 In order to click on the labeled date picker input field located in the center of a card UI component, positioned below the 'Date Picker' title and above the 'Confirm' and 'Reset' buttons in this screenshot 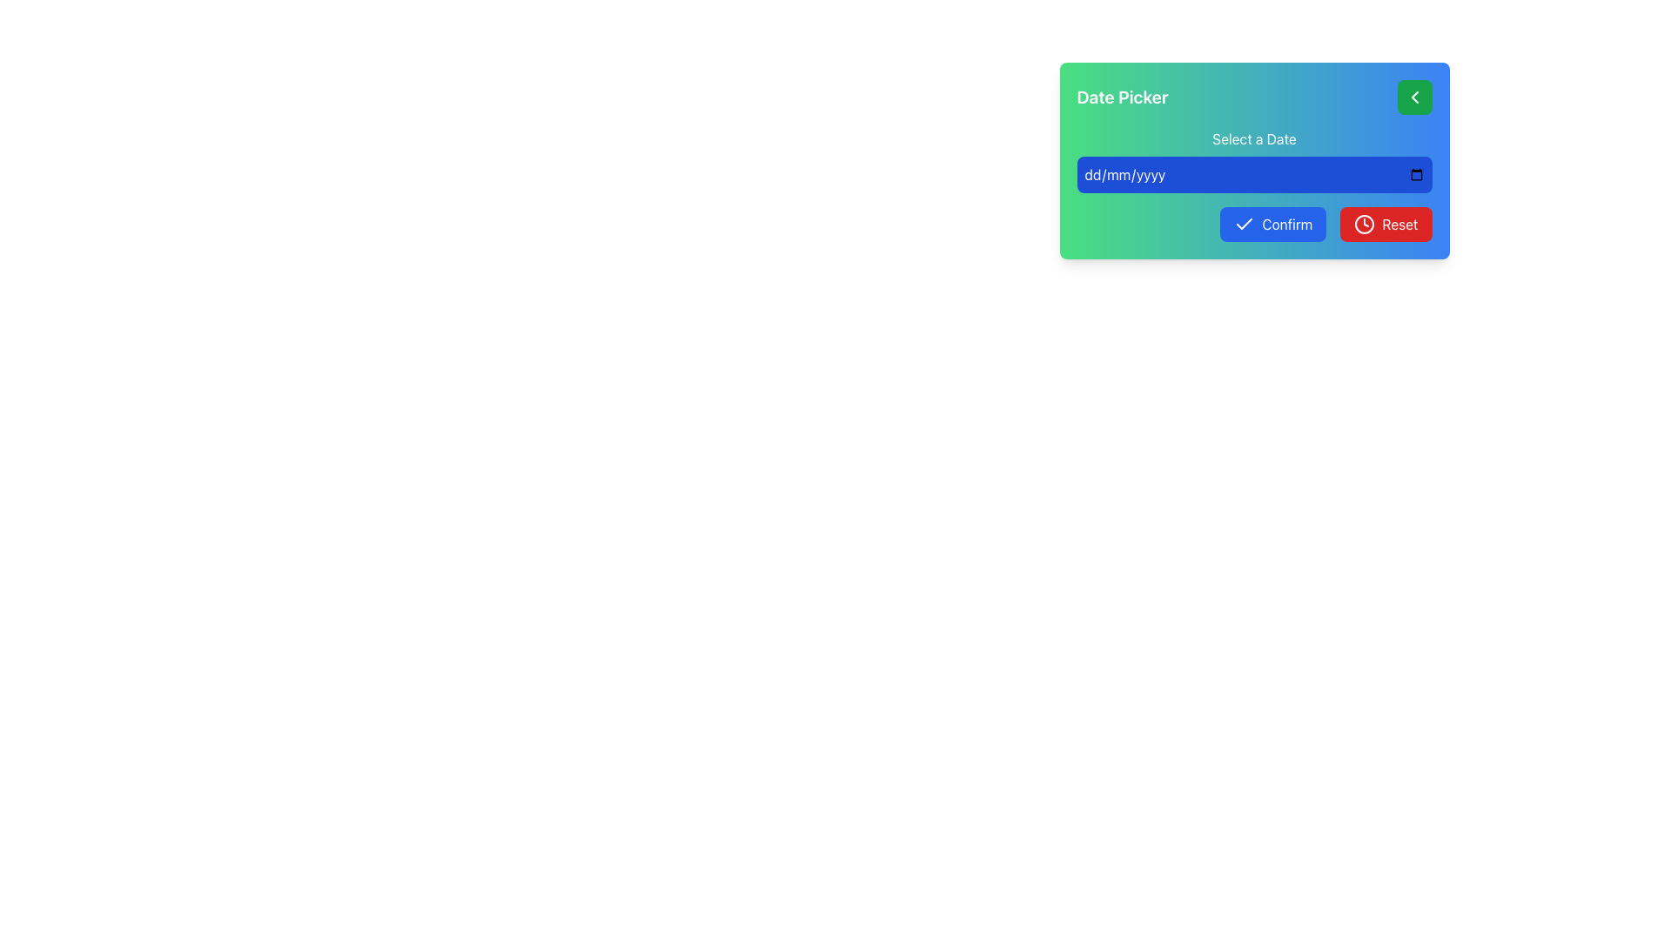, I will do `click(1254, 161)`.